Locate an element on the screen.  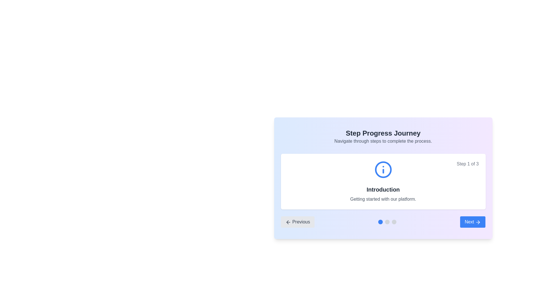
text from the Text Label indicating the current step number and total number of steps, which is positioned in the top-right region above the main title 'Introduction' is located at coordinates (468, 164).